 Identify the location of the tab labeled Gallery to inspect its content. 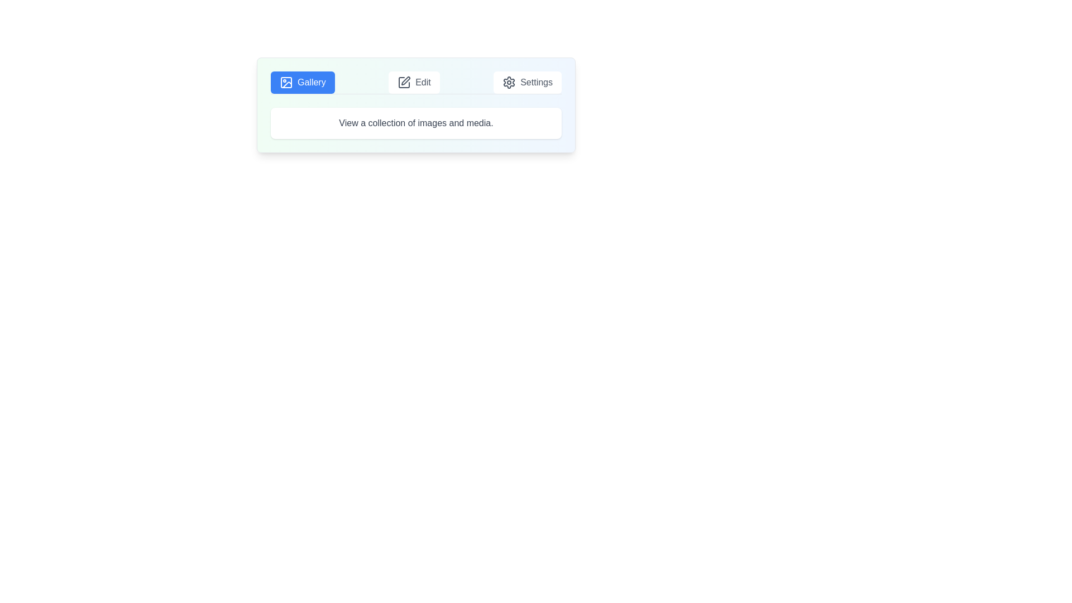
(303, 82).